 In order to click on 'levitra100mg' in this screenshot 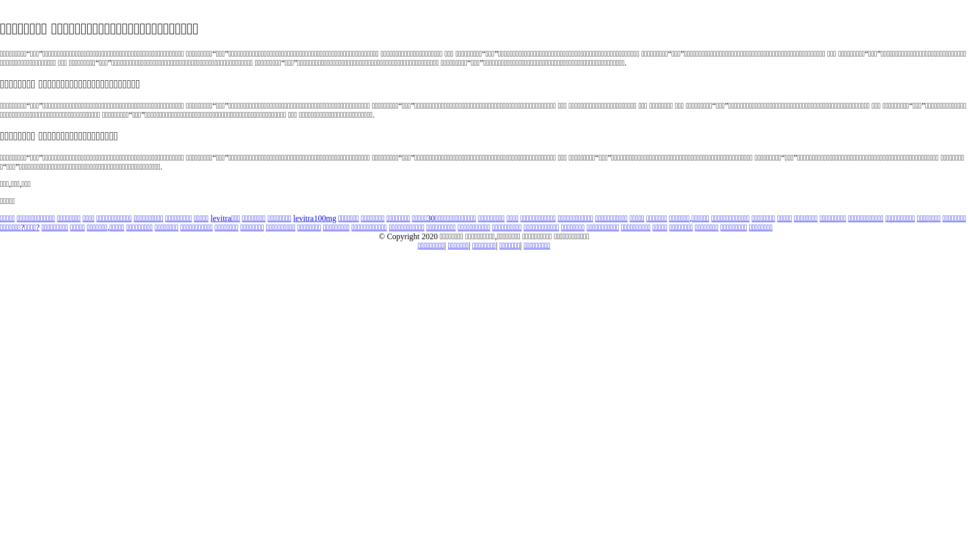, I will do `click(314, 217)`.